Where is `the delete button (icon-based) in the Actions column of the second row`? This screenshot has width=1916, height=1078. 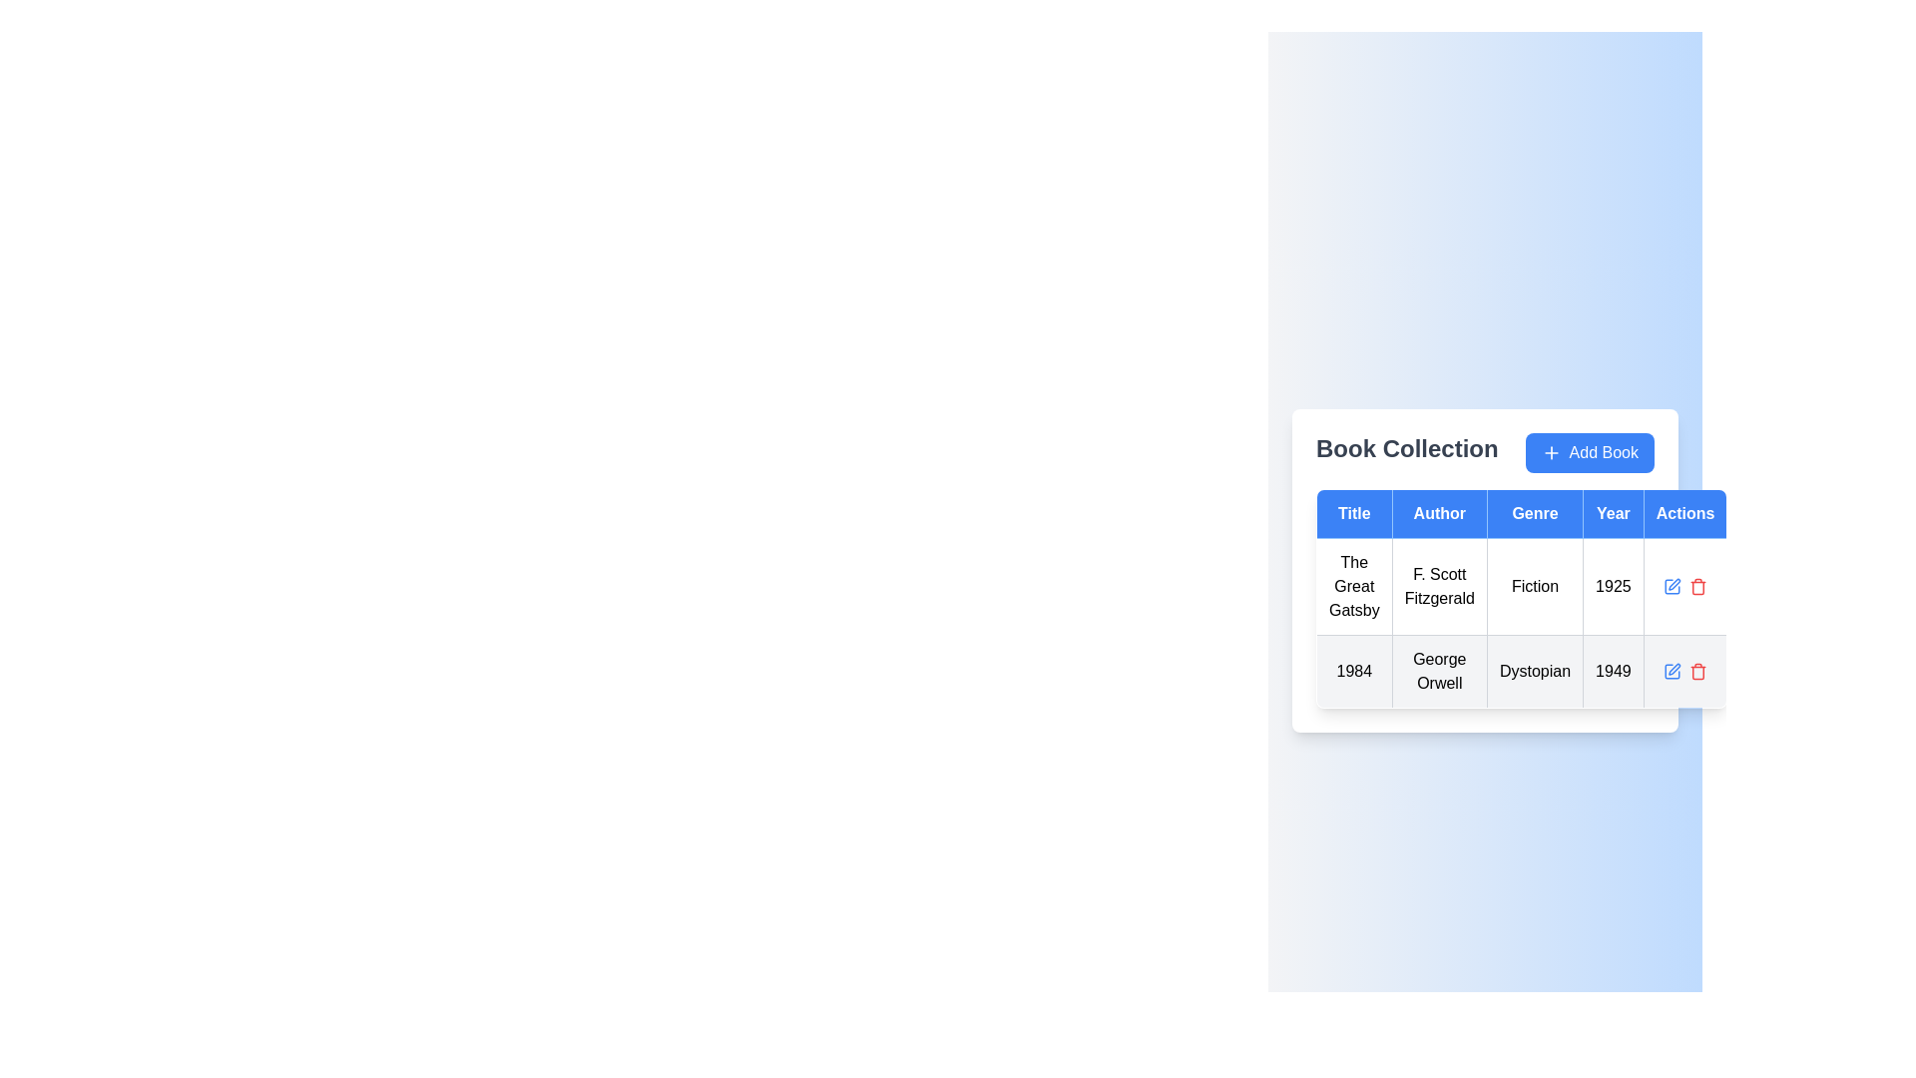 the delete button (icon-based) in the Actions column of the second row is located at coordinates (1697, 671).